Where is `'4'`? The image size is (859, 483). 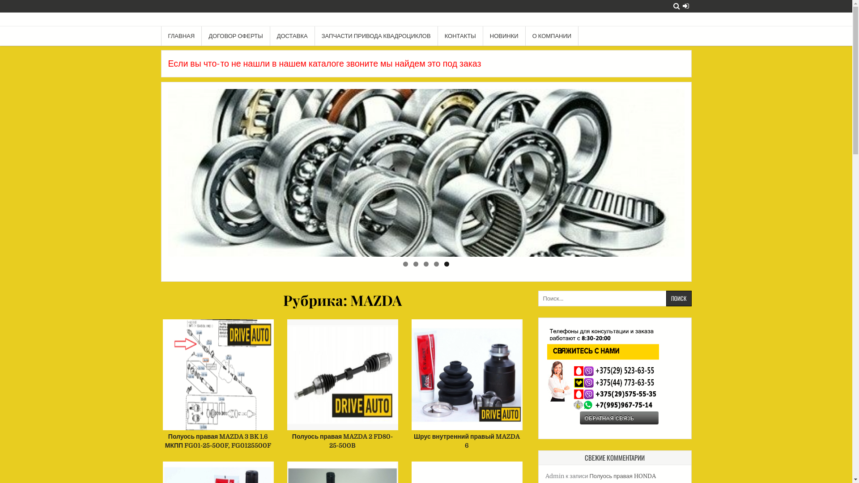 '4' is located at coordinates (434, 263).